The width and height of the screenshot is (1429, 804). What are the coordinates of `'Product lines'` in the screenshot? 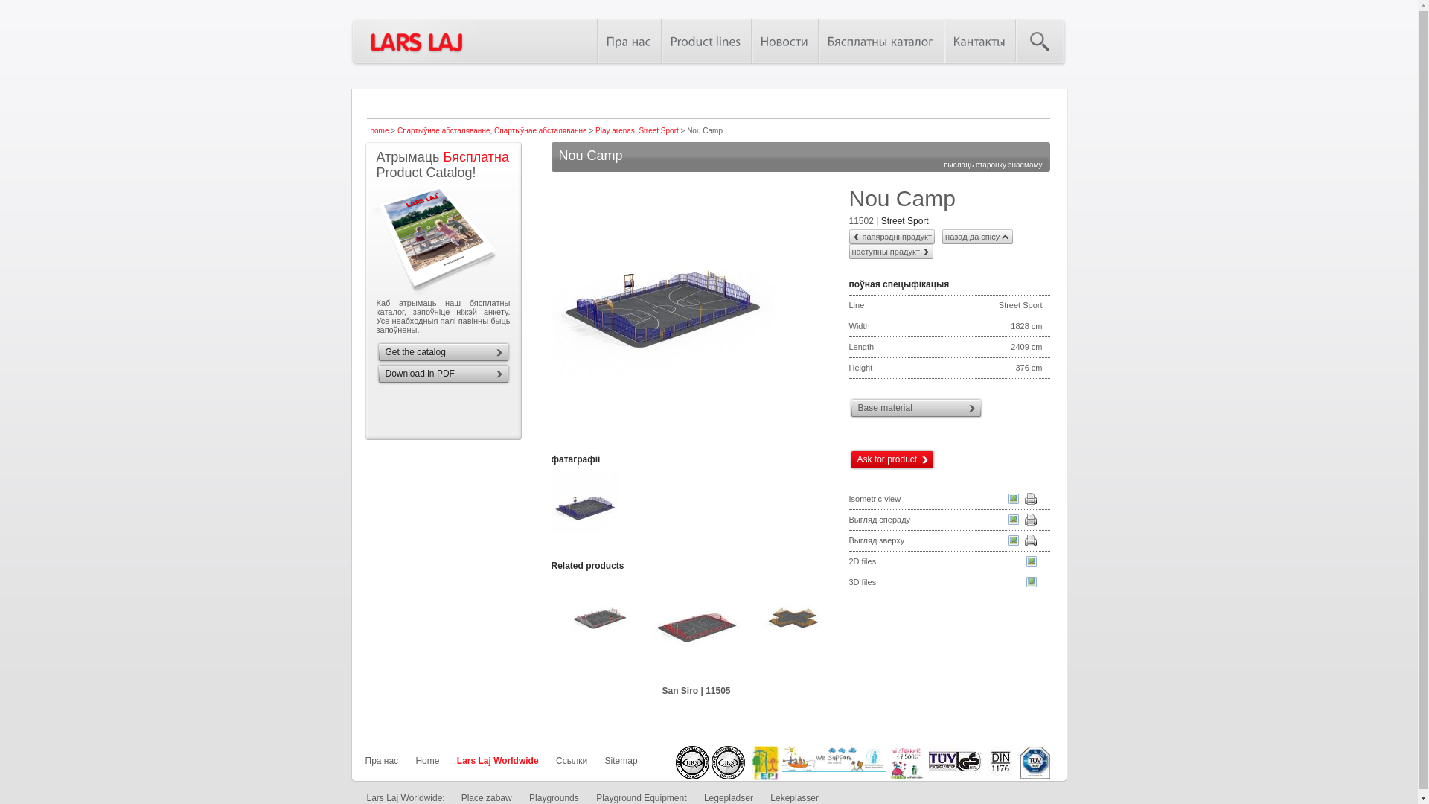 It's located at (705, 39).